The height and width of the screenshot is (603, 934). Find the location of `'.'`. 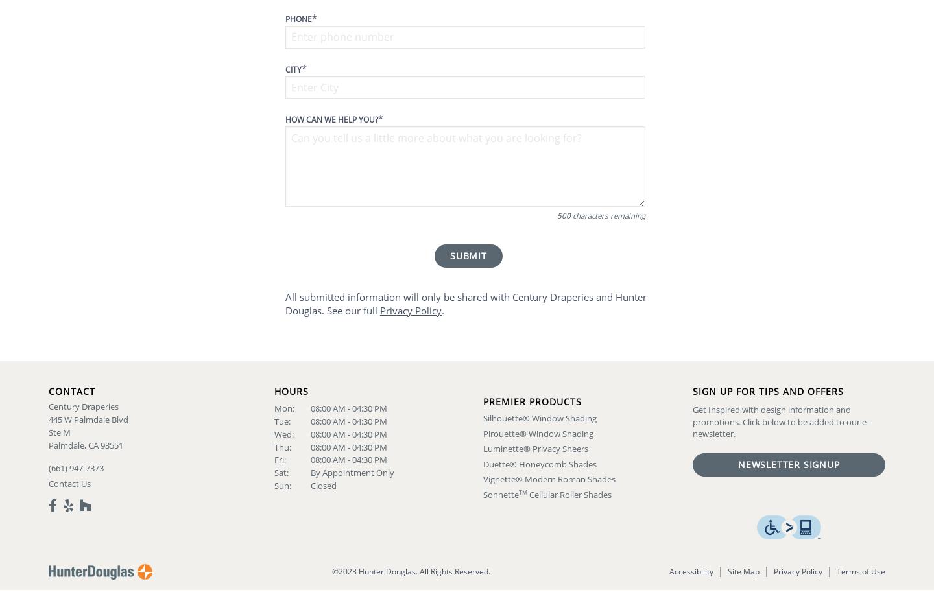

'.' is located at coordinates (442, 309).